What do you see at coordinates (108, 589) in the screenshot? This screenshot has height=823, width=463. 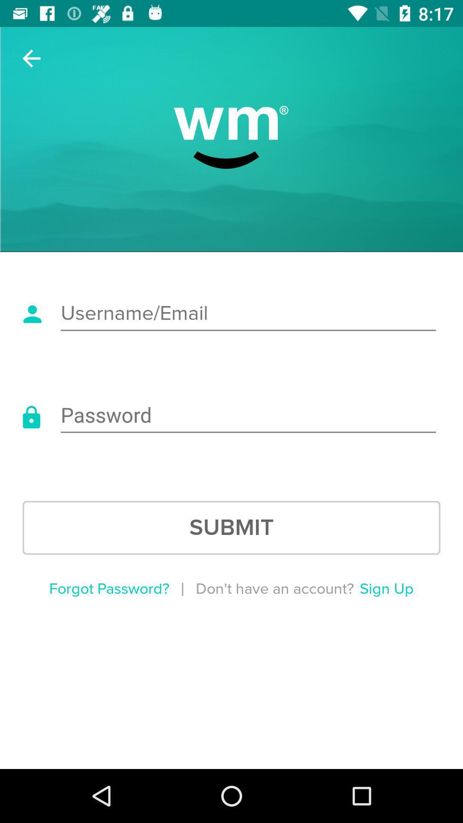 I see `the item next to the | item` at bounding box center [108, 589].